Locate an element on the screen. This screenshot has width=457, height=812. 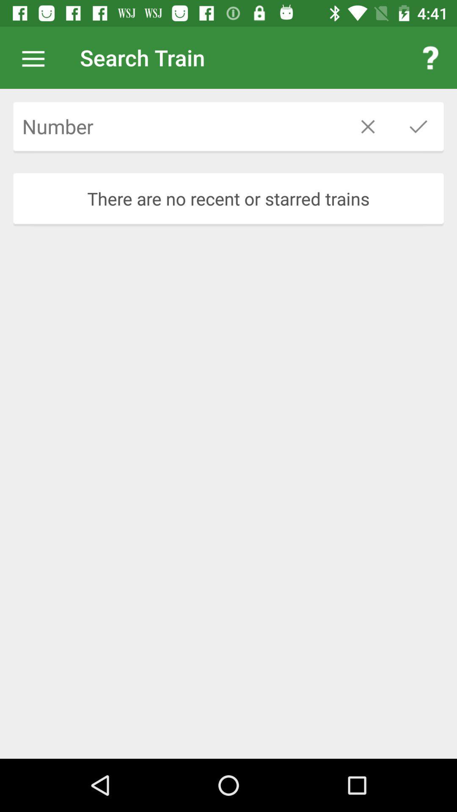
train number to be searched is located at coordinates (177, 126).